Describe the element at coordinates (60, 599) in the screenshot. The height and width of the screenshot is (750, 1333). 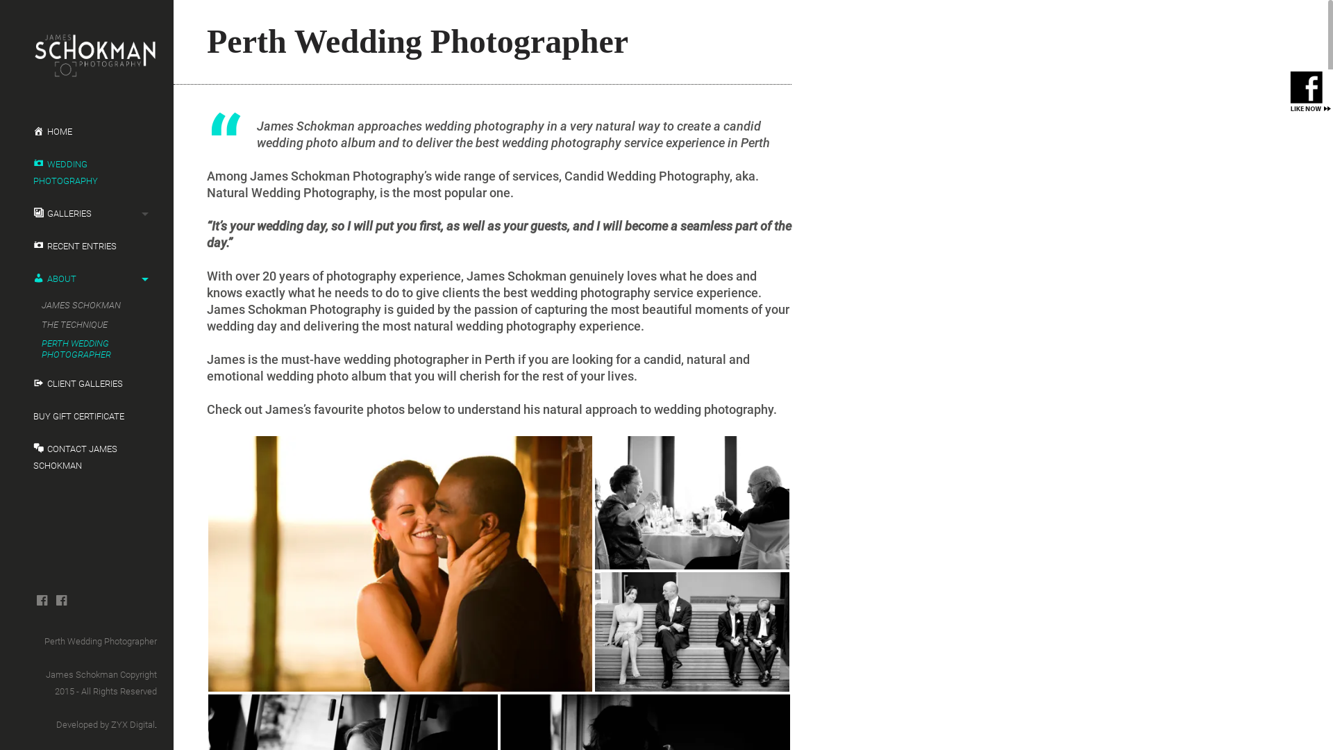
I see `'facebook'` at that location.